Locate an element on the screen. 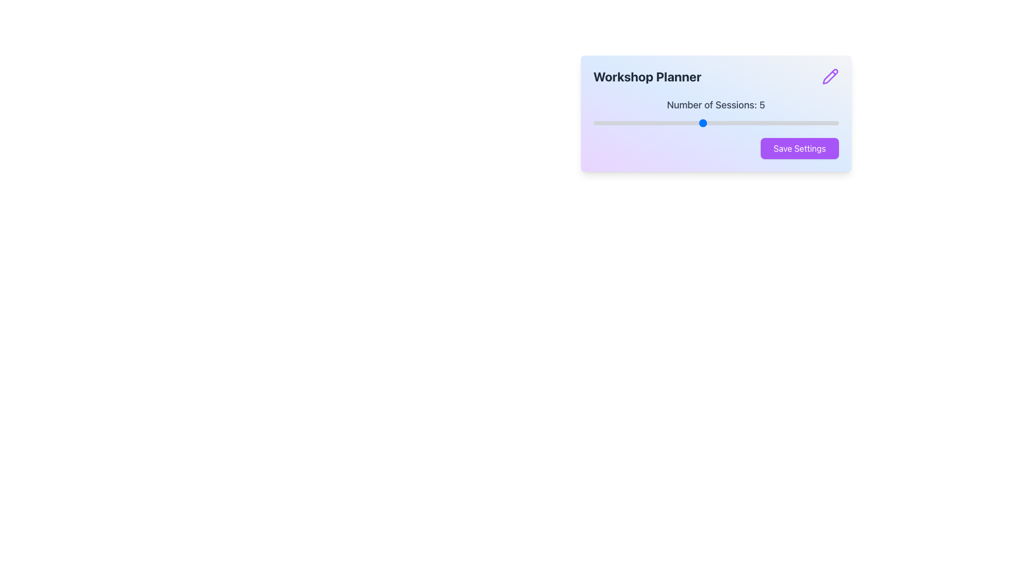 The image size is (1015, 571). the number of sessions is located at coordinates (621, 122).